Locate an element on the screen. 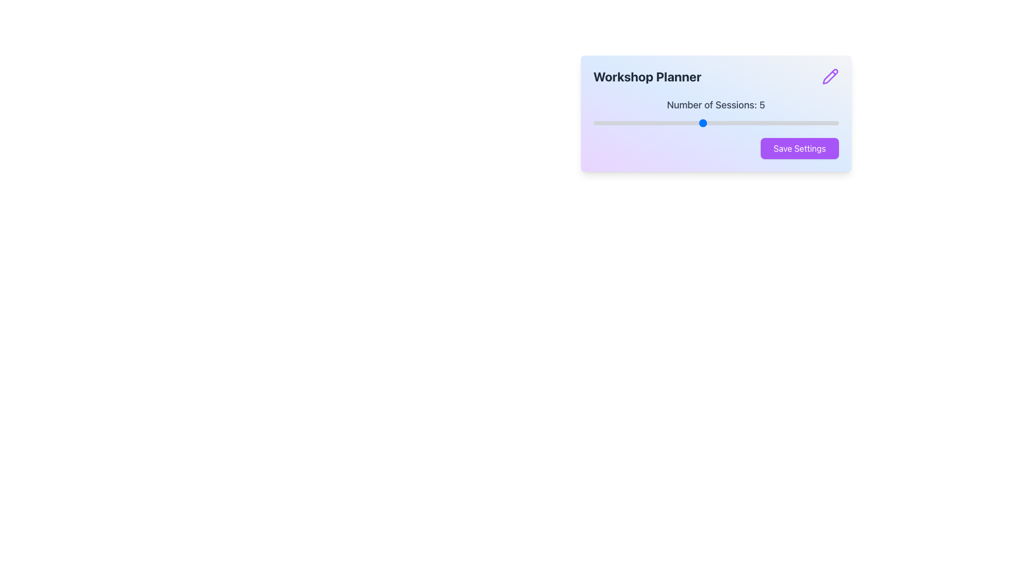 The image size is (1015, 571). the number of sessions is located at coordinates (621, 122).